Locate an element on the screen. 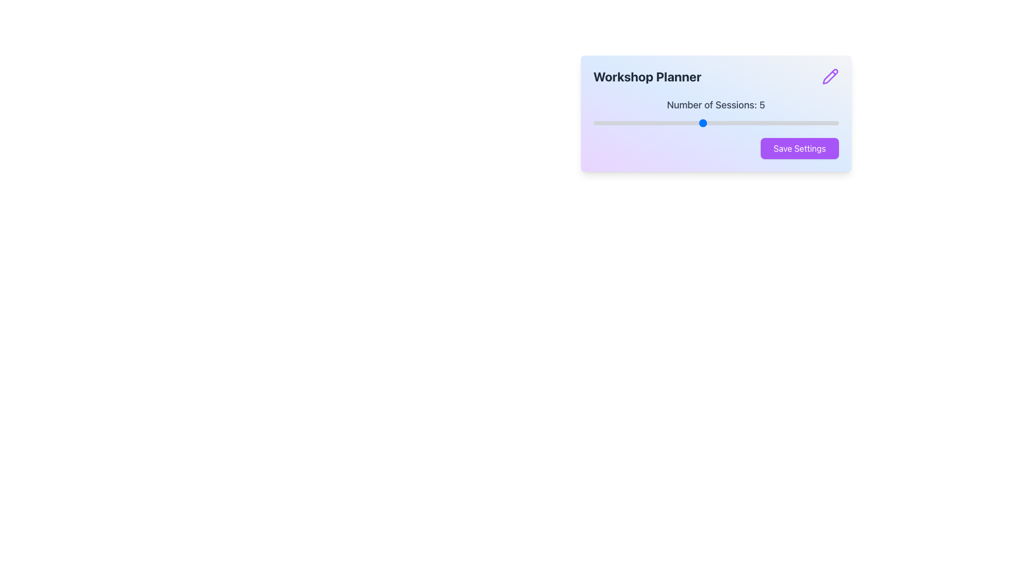 The image size is (1015, 571). the number of sessions is located at coordinates (621, 122).